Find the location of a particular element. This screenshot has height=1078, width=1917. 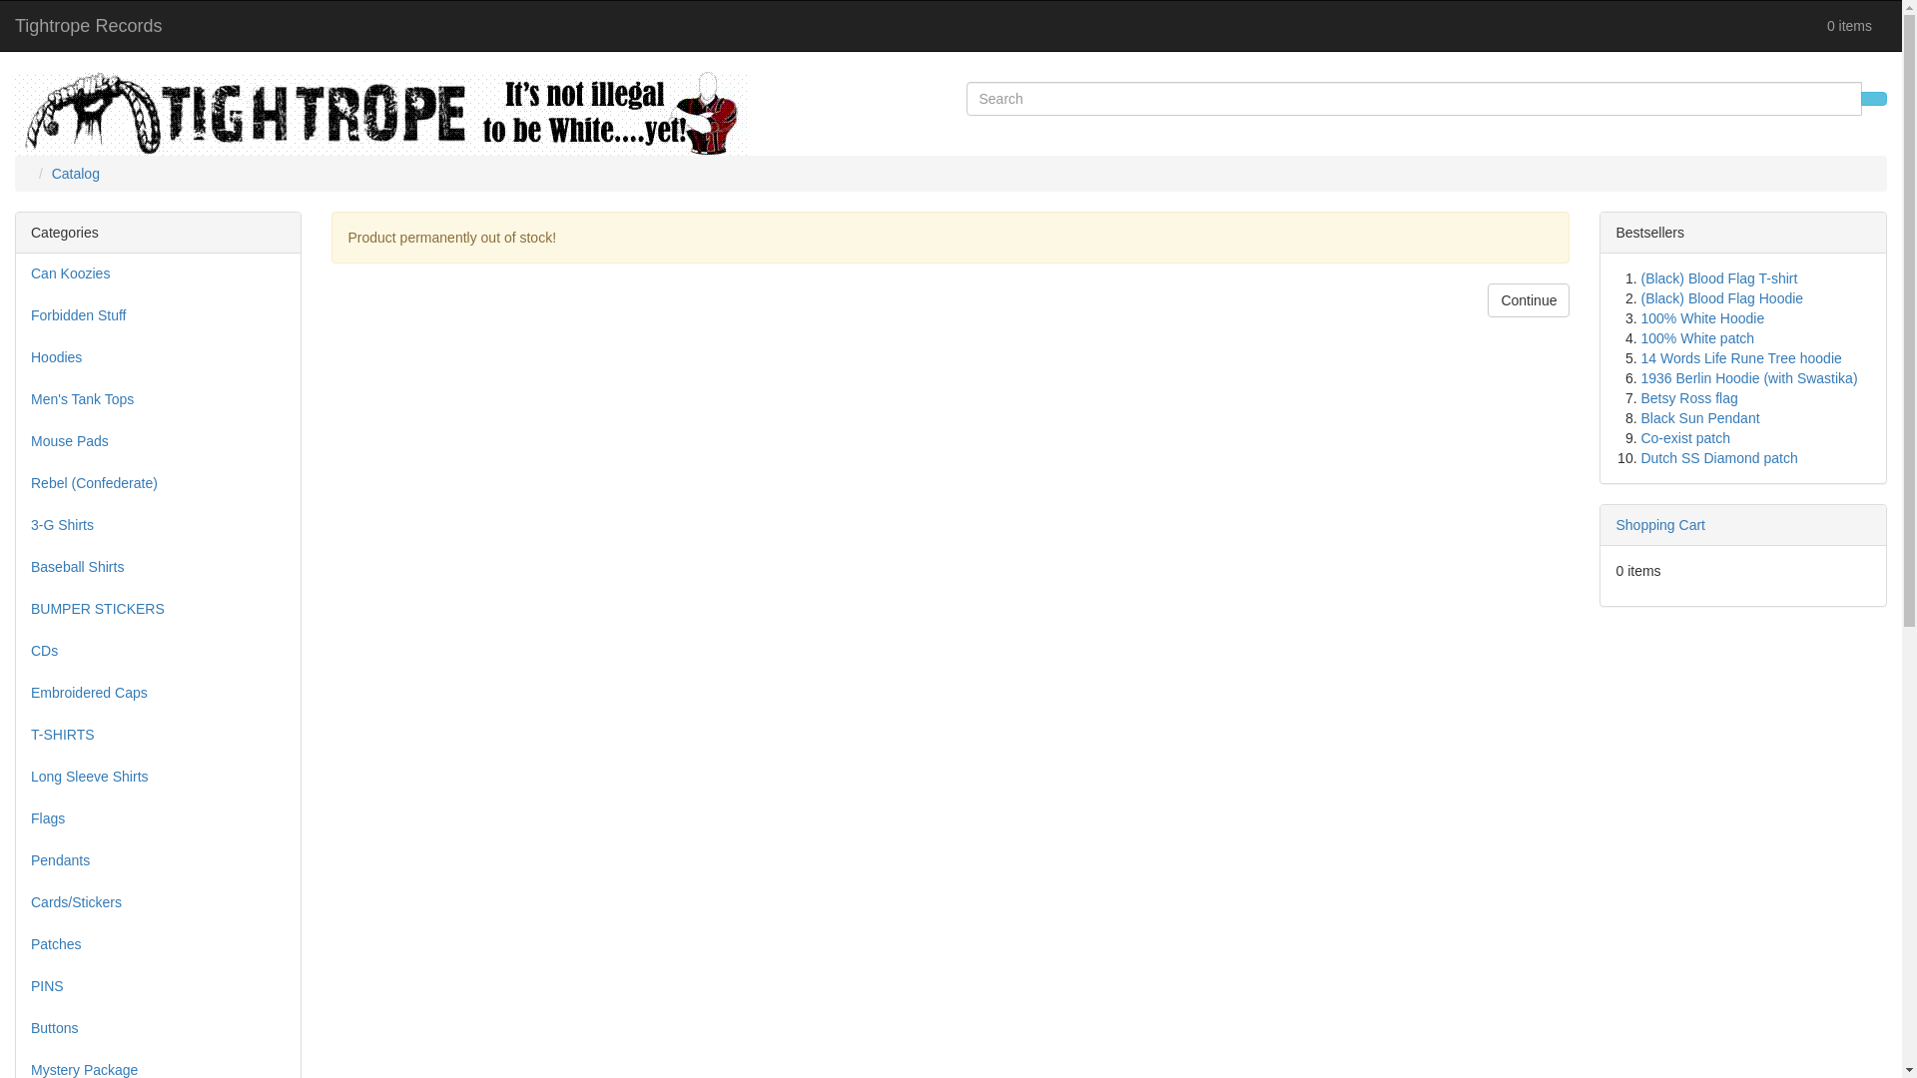

'Can Koozies' is located at coordinates (15, 272).